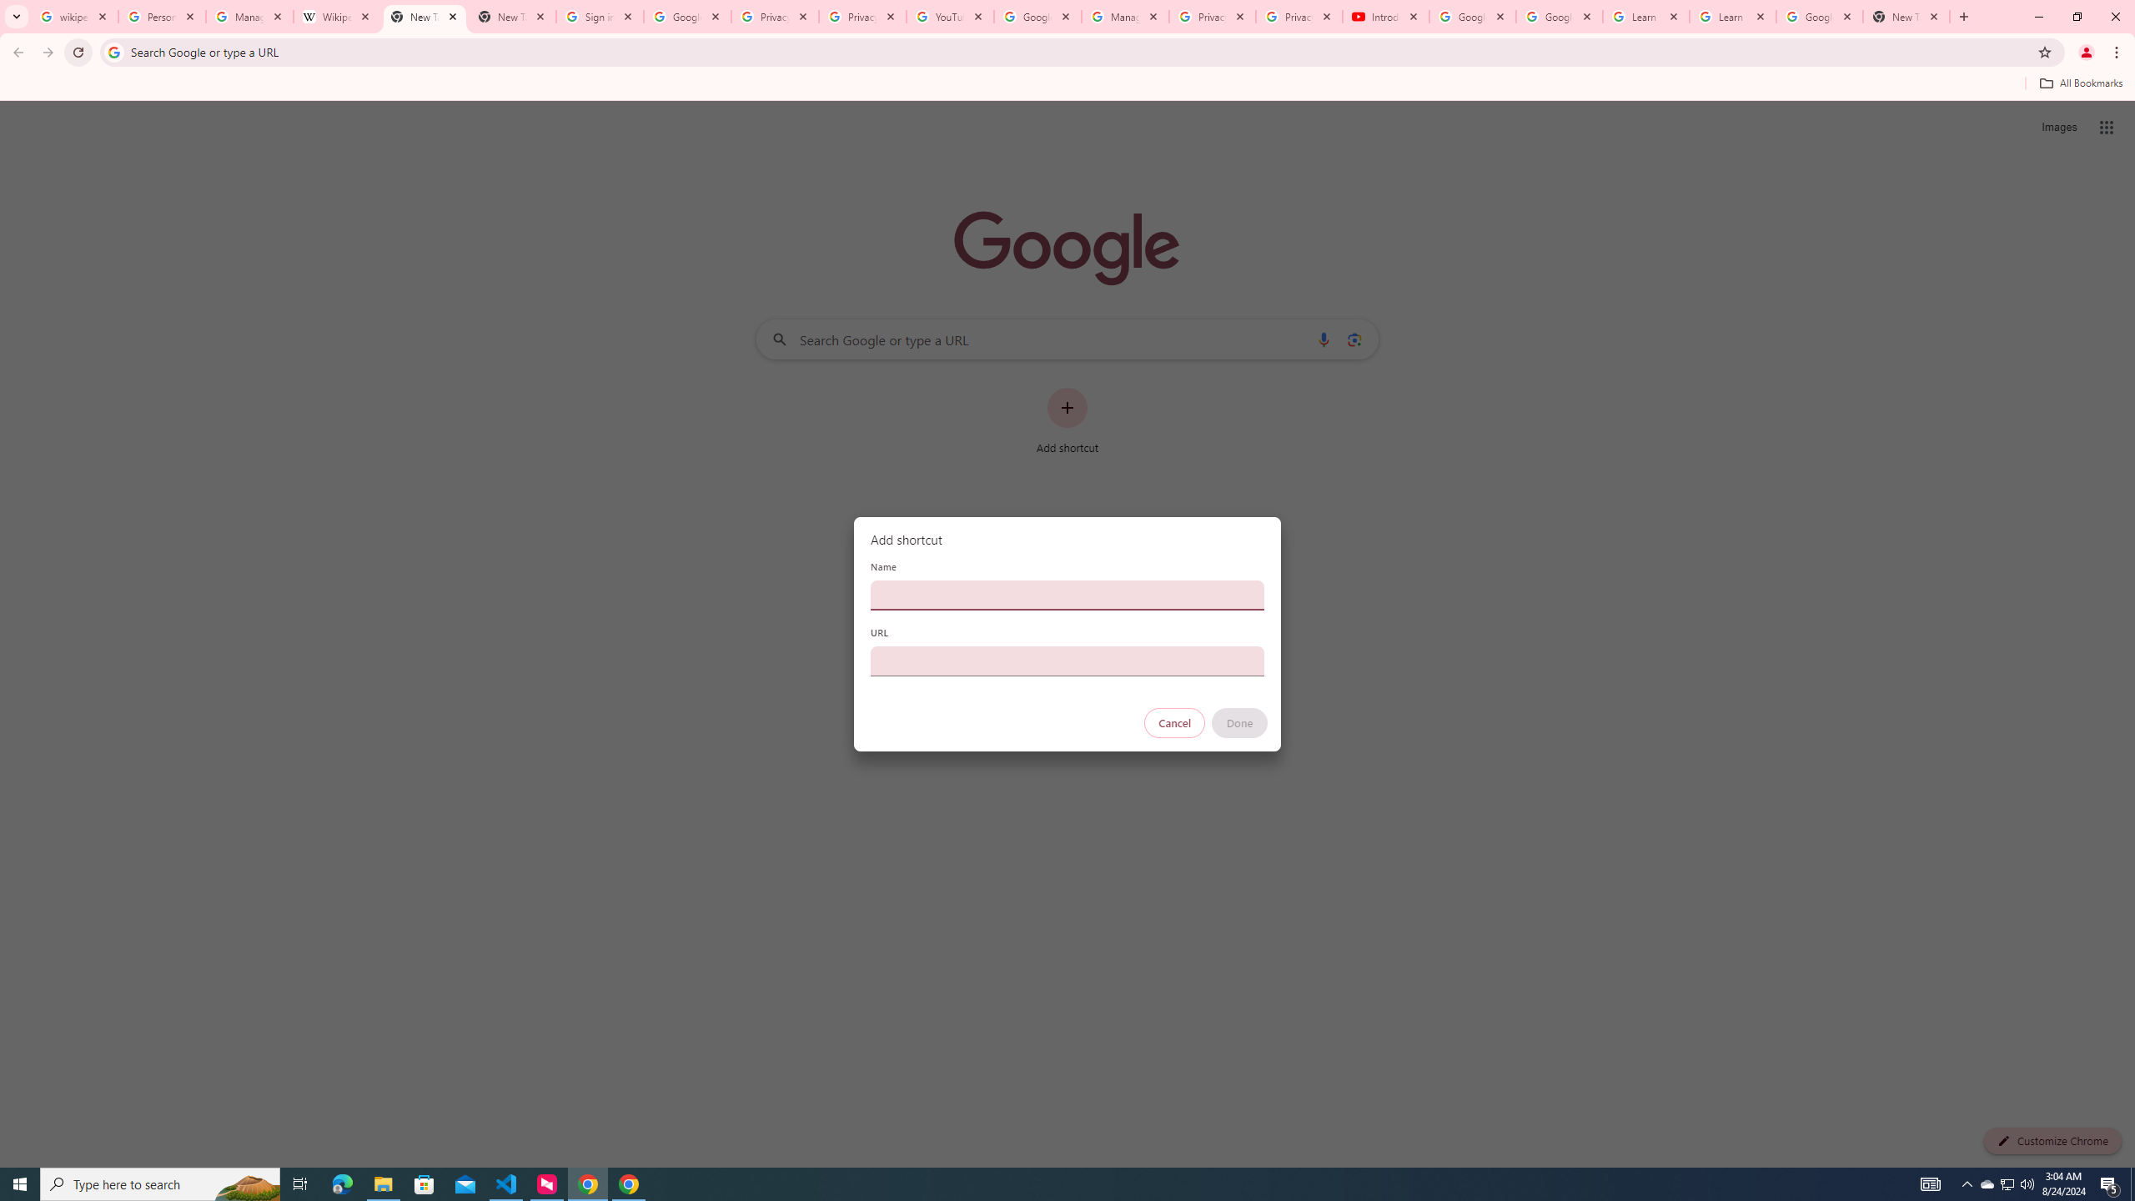 The height and width of the screenshot is (1201, 2135). What do you see at coordinates (686, 16) in the screenshot?
I see `'Google Drive: Sign-in'` at bounding box center [686, 16].